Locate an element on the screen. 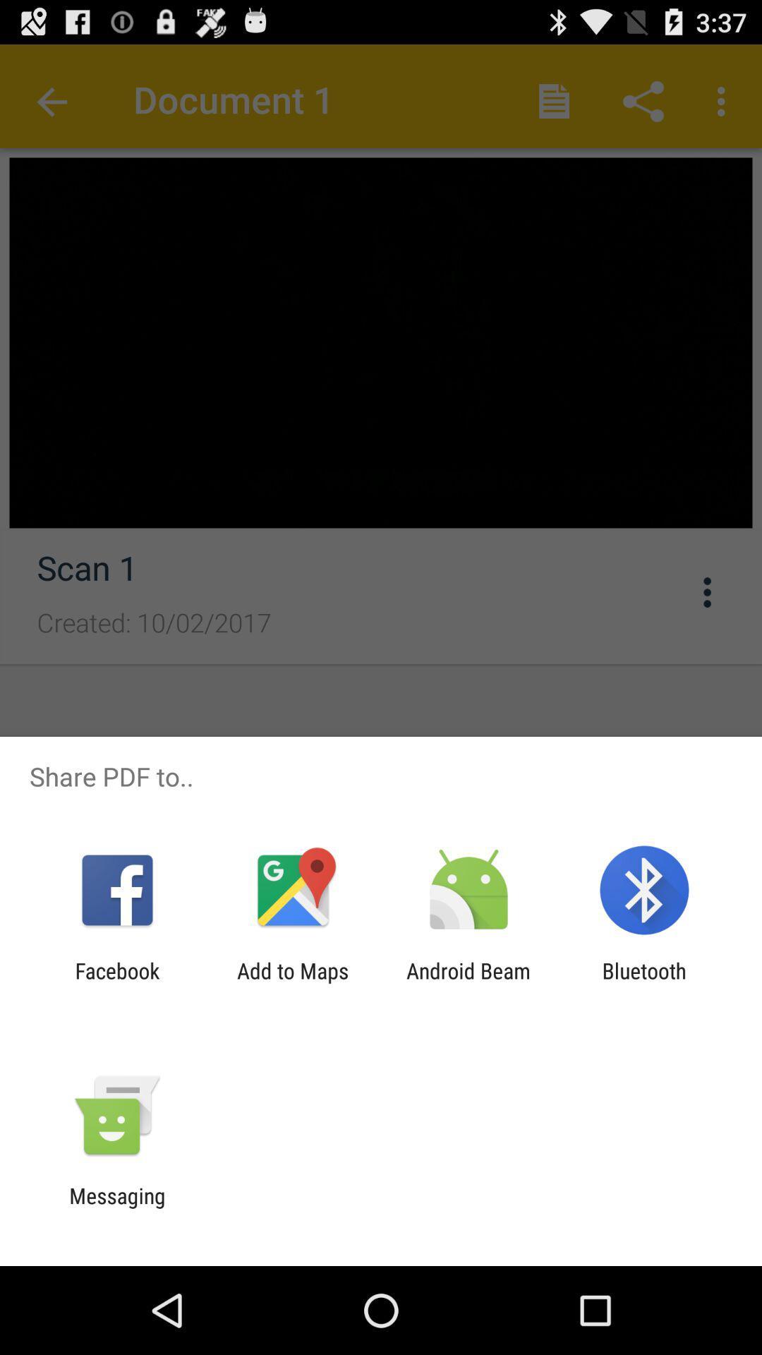 The image size is (762, 1355). item next to the add to maps item is located at coordinates (116, 982).